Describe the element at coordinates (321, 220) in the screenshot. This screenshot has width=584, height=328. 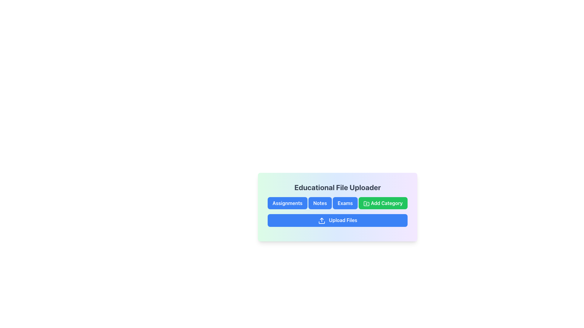
I see `the upload icon, which is represented by an upward arrow within the blue 'Upload Files' button located below the 'Educational File Uploader' heading` at that location.